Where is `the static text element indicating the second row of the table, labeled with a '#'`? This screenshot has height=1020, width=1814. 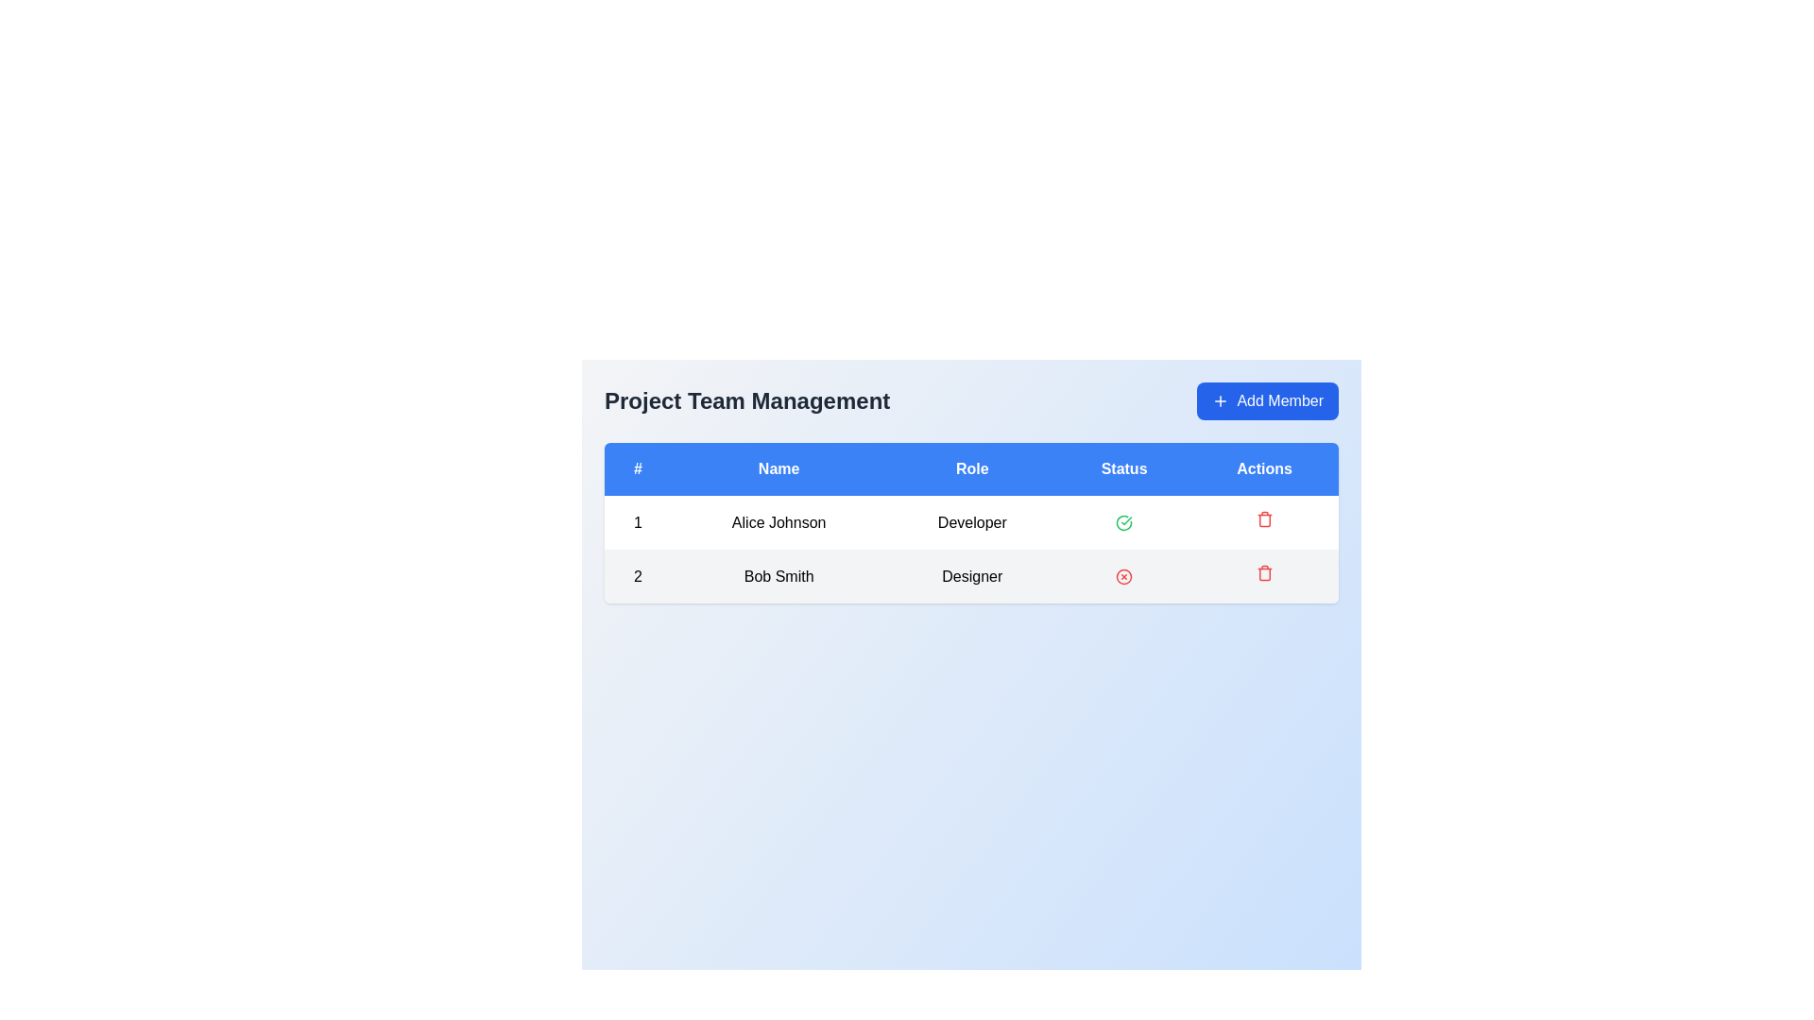
the static text element indicating the second row of the table, labeled with a '#' is located at coordinates (638, 575).